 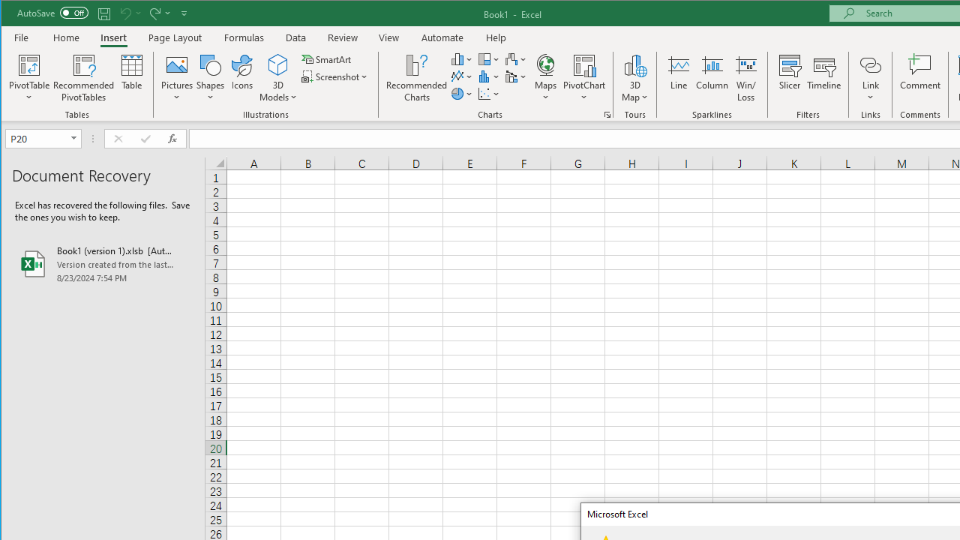 I want to click on 'PivotChart', so click(x=583, y=64).